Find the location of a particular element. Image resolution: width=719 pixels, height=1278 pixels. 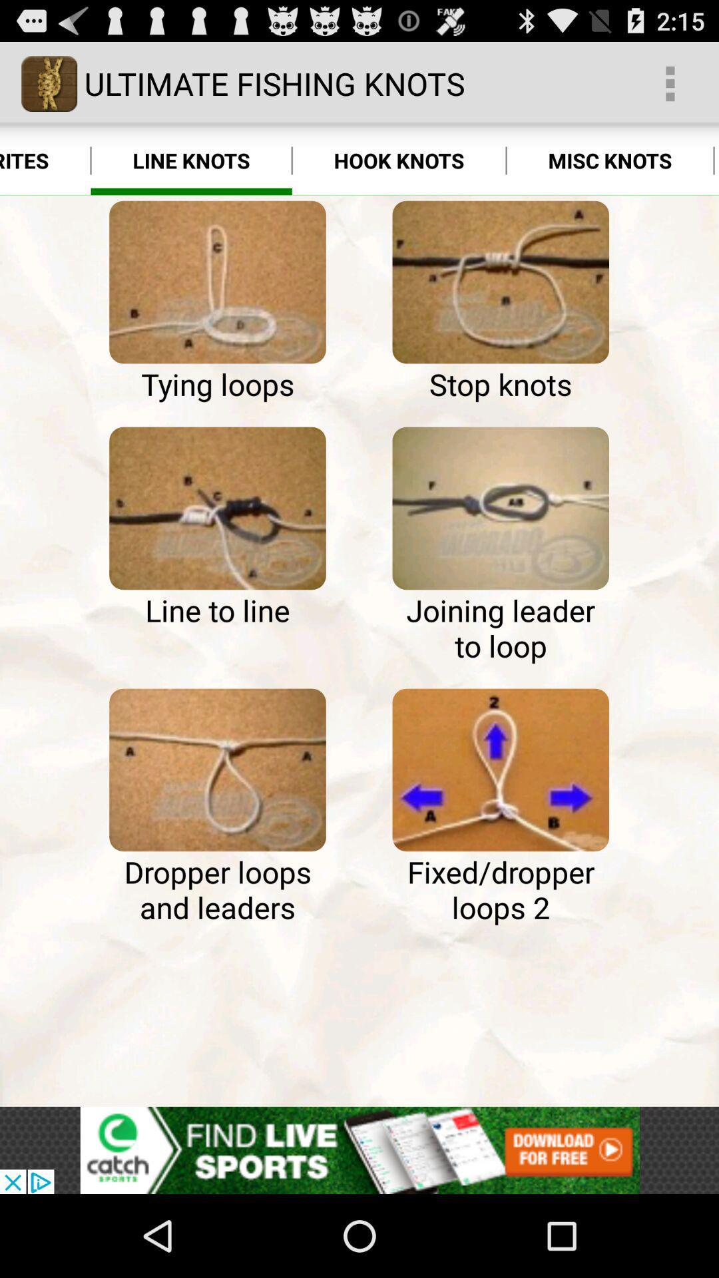

adverts is located at coordinates (359, 1150).